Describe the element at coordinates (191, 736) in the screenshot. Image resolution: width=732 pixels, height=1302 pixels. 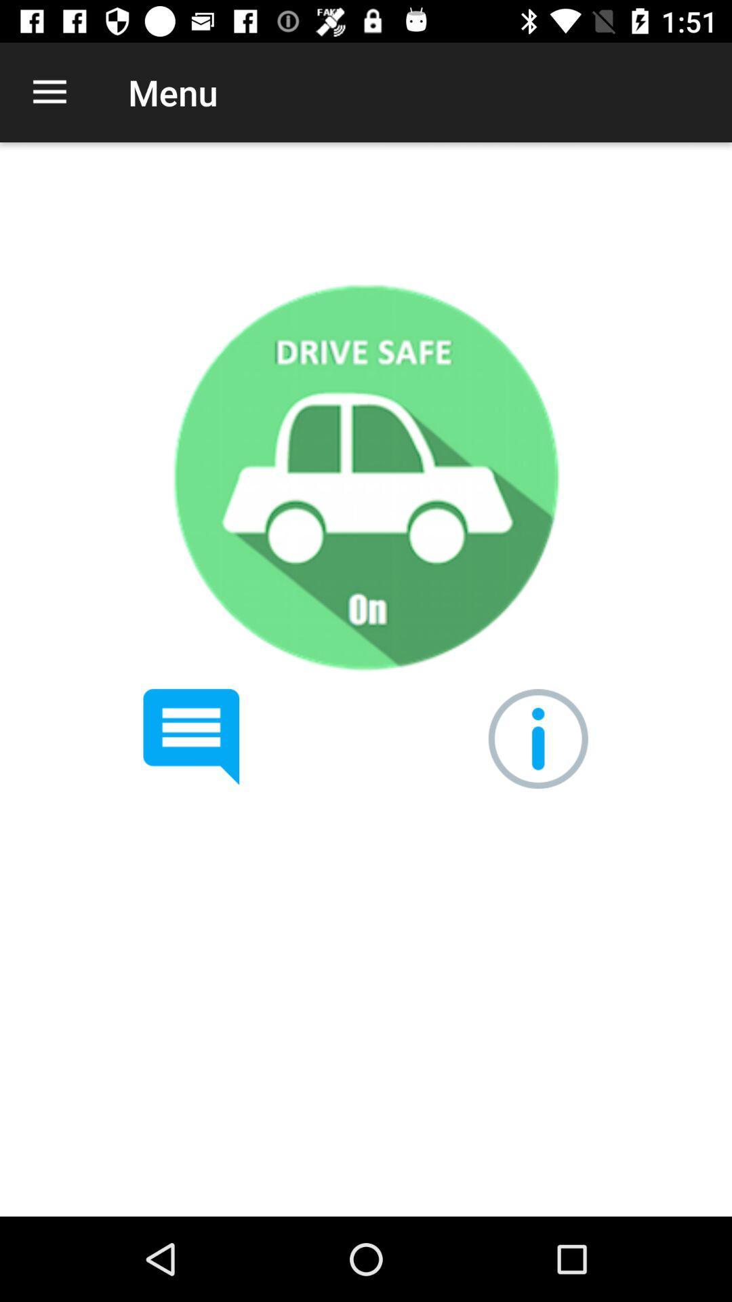
I see `the icon on the left` at that location.